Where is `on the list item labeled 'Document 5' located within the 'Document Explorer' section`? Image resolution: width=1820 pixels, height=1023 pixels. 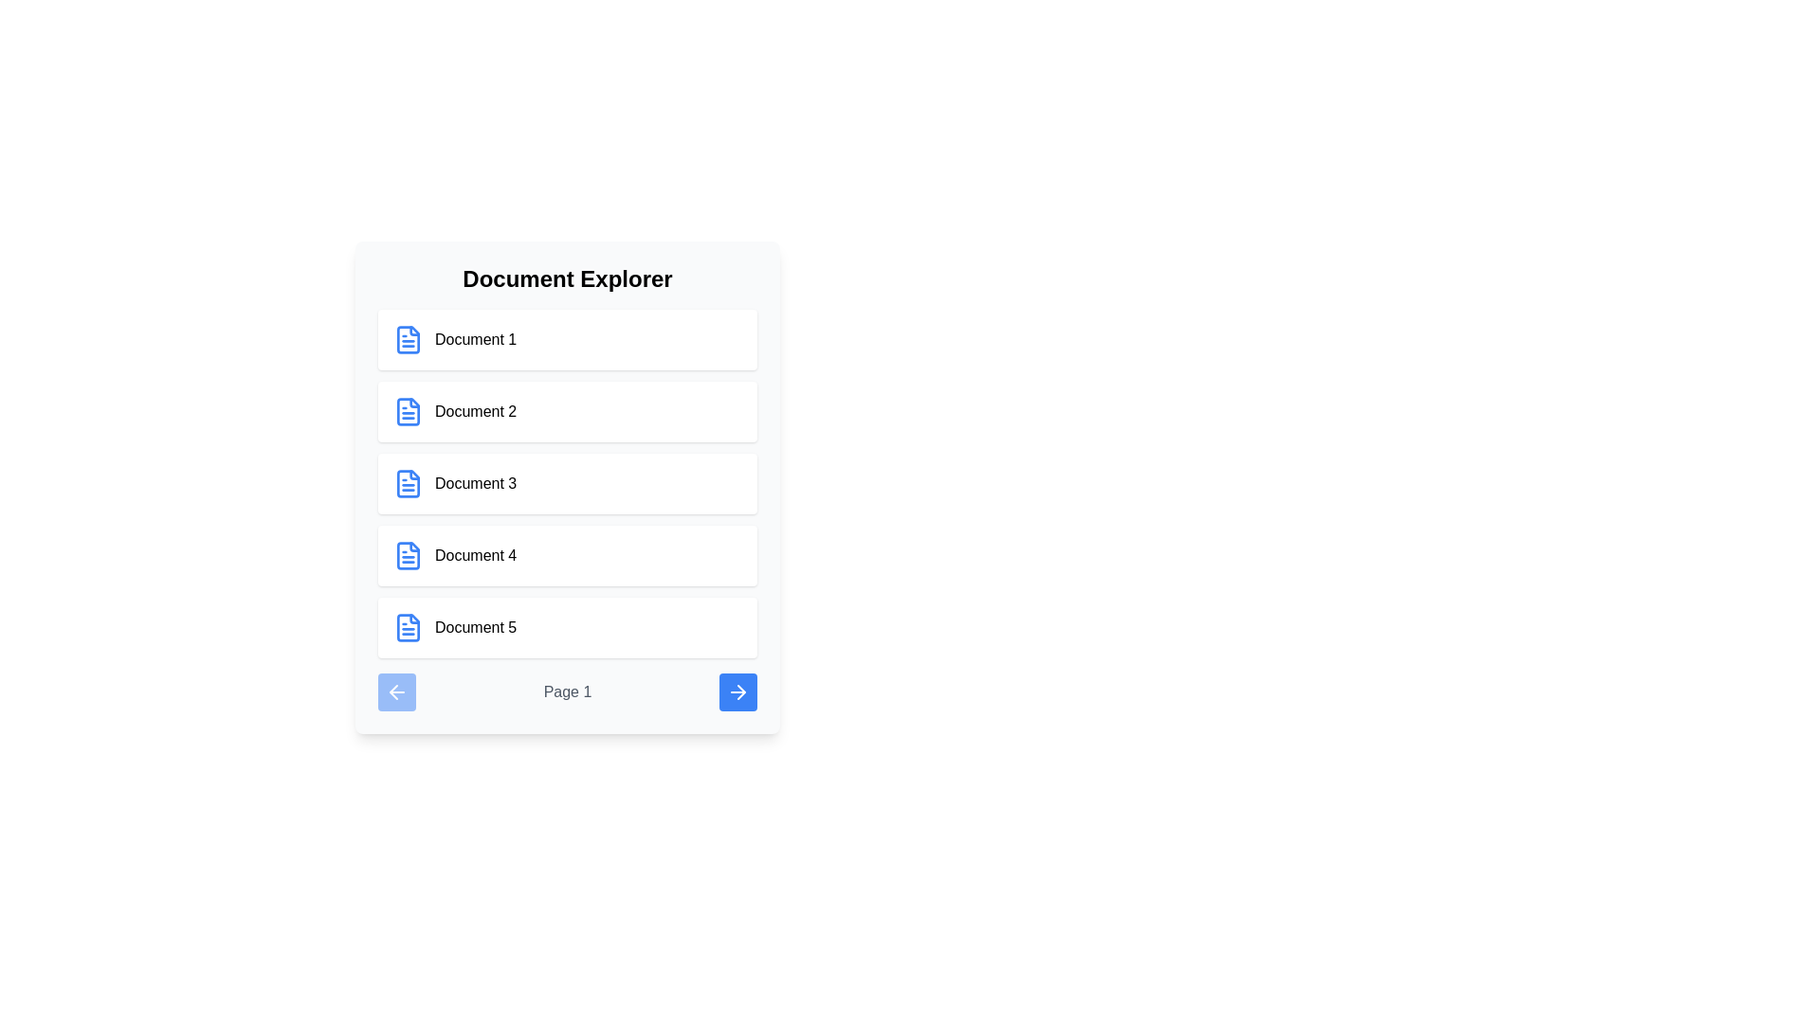
on the list item labeled 'Document 5' located within the 'Document Explorer' section is located at coordinates (567, 628).